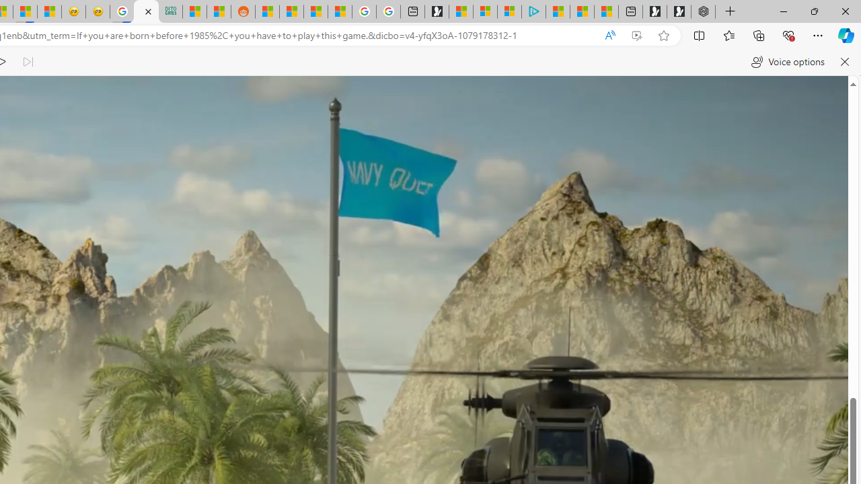 The height and width of the screenshot is (484, 861). Describe the element at coordinates (844, 62) in the screenshot. I see `'Close read aloud'` at that location.